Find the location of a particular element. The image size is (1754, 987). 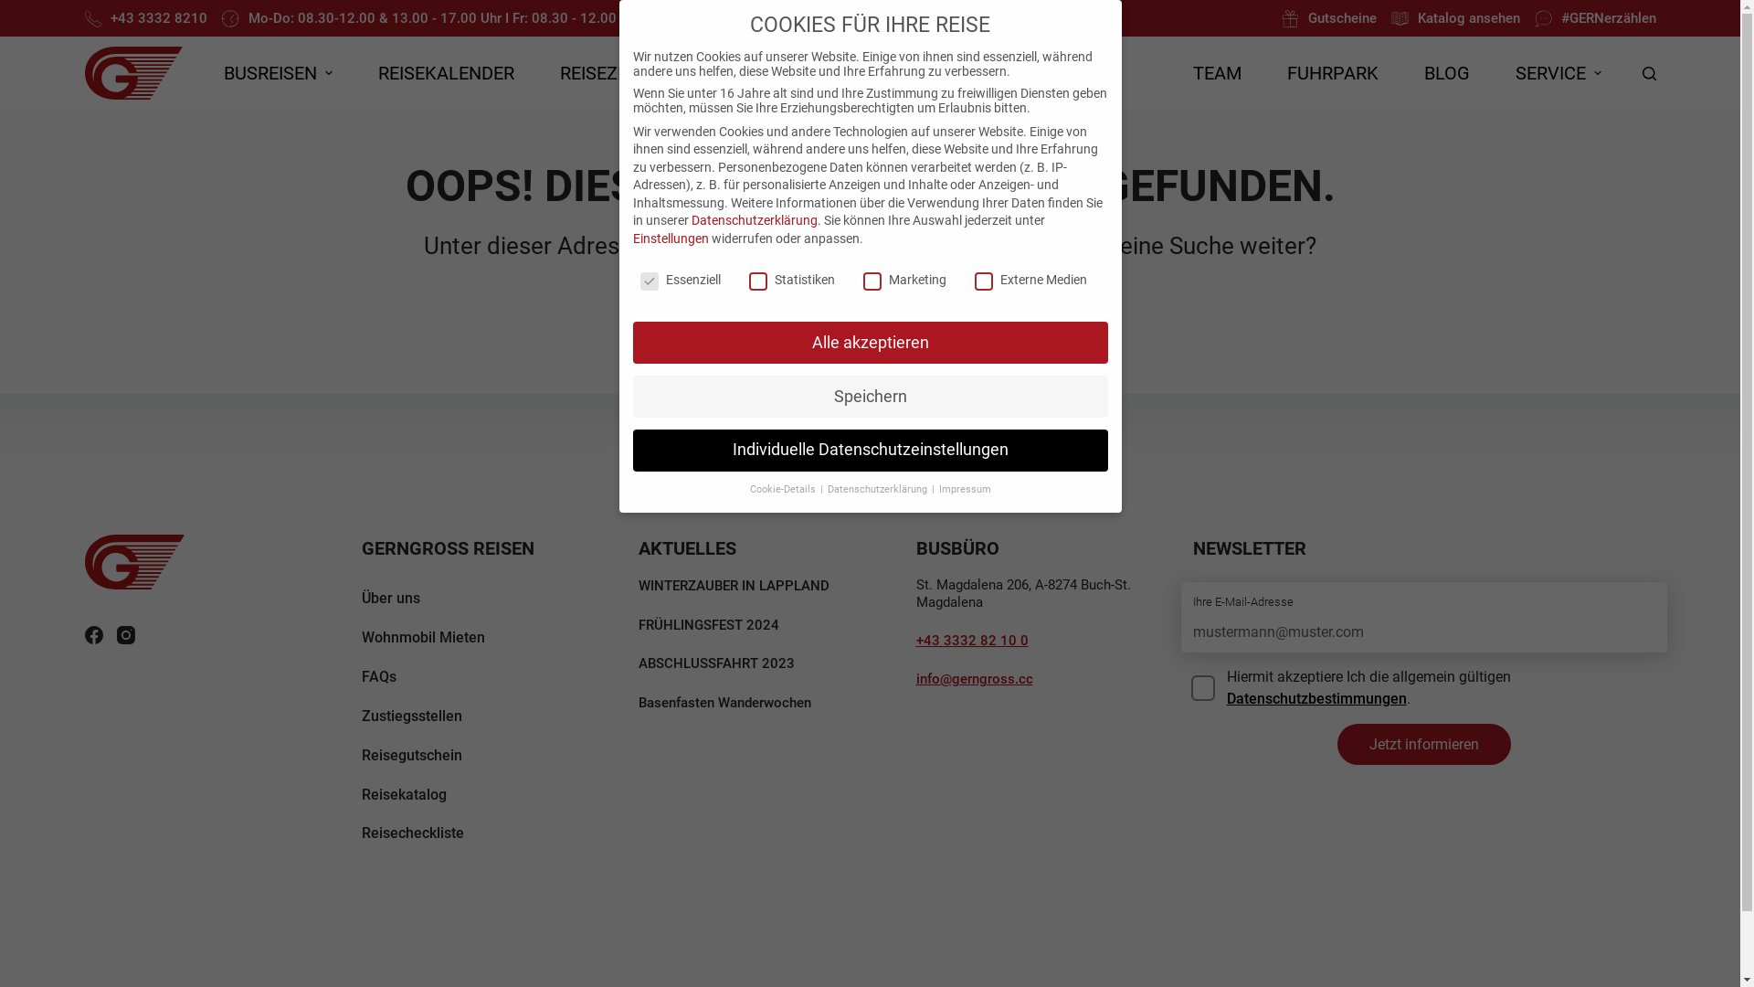

'+43 3332 82 10 0' is located at coordinates (970, 640).